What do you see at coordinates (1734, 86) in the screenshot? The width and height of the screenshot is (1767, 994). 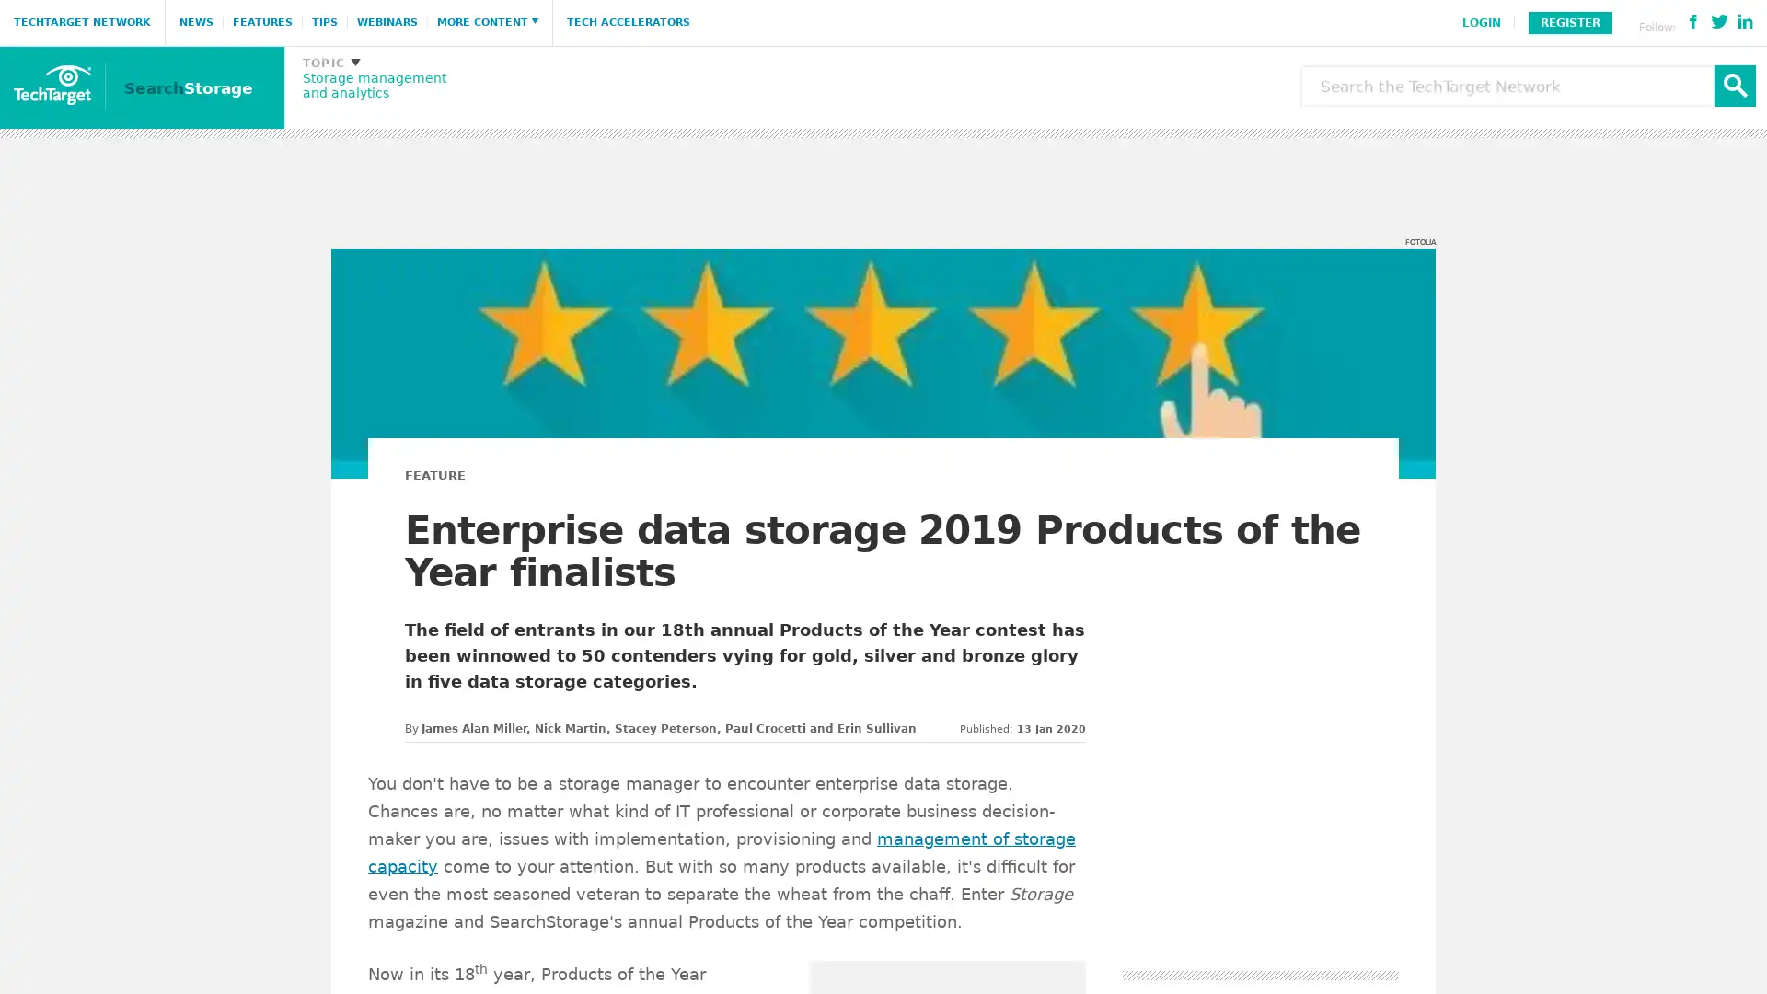 I see `Search` at bounding box center [1734, 86].